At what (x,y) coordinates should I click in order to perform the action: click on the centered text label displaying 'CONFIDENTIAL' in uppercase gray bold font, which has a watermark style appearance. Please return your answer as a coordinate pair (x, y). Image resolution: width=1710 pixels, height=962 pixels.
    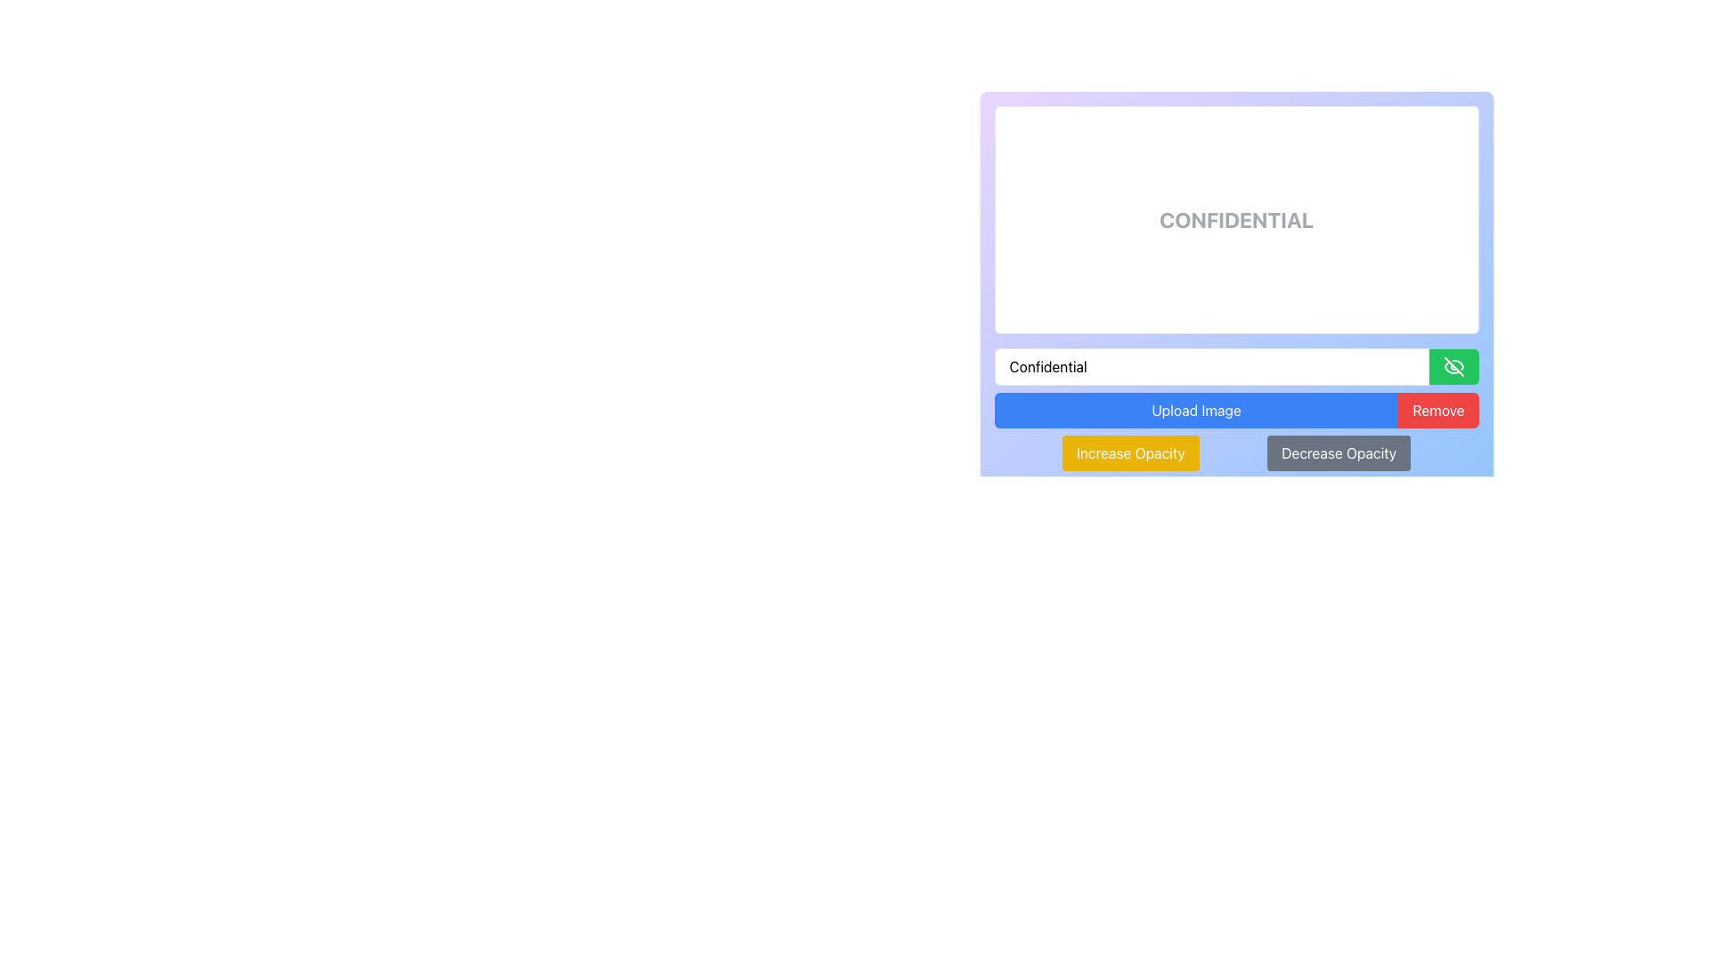
    Looking at the image, I should click on (1235, 218).